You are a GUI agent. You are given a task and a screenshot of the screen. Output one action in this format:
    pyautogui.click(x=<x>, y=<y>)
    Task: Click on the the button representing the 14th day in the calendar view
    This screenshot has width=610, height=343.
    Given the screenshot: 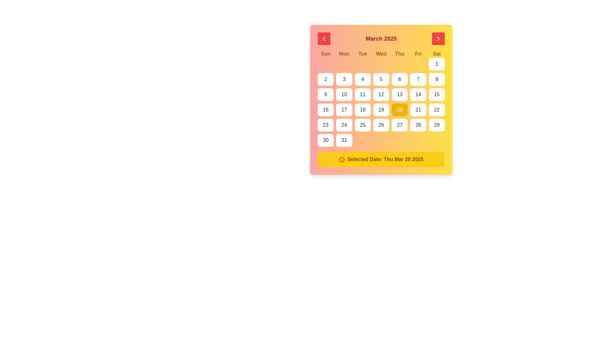 What is the action you would take?
    pyautogui.click(x=418, y=94)
    